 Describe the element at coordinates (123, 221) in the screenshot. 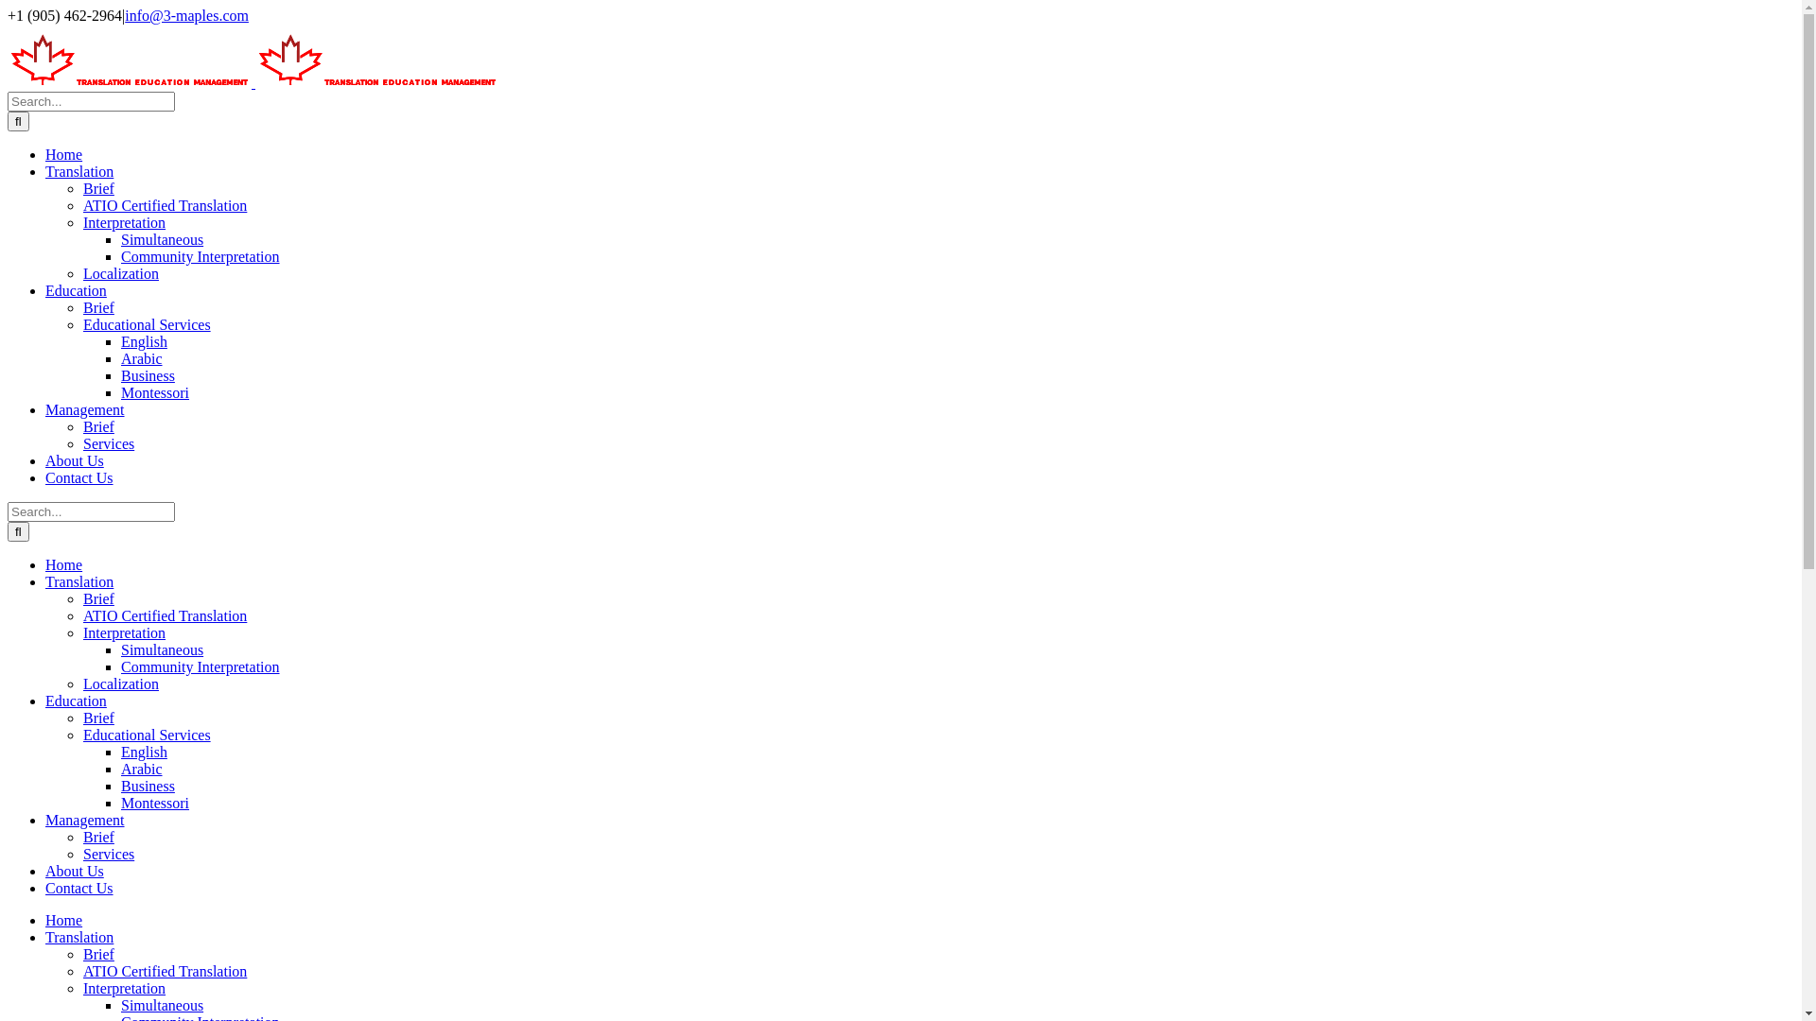

I see `'Interpretation'` at that location.